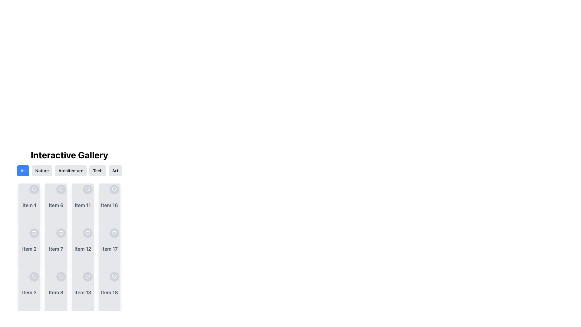 The image size is (581, 327). What do you see at coordinates (61, 189) in the screenshot?
I see `the heart icon button located at the top-right corner of the card displaying 'Item 6' in the gallery` at bounding box center [61, 189].